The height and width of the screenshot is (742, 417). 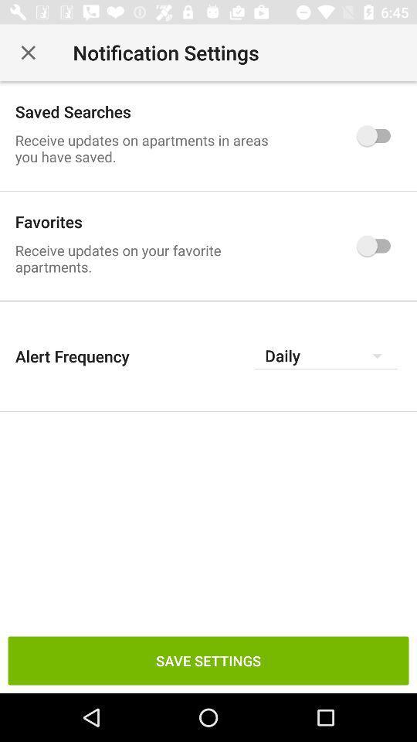 I want to click on icon at the top left corner, so click(x=28, y=53).